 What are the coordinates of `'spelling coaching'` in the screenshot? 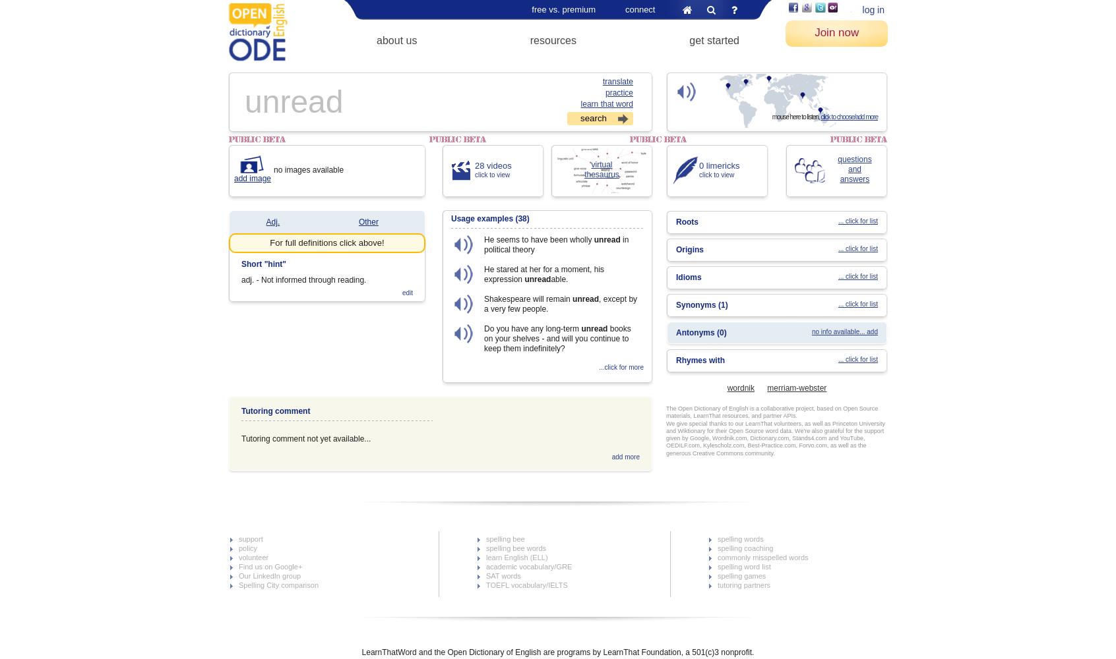 It's located at (744, 548).